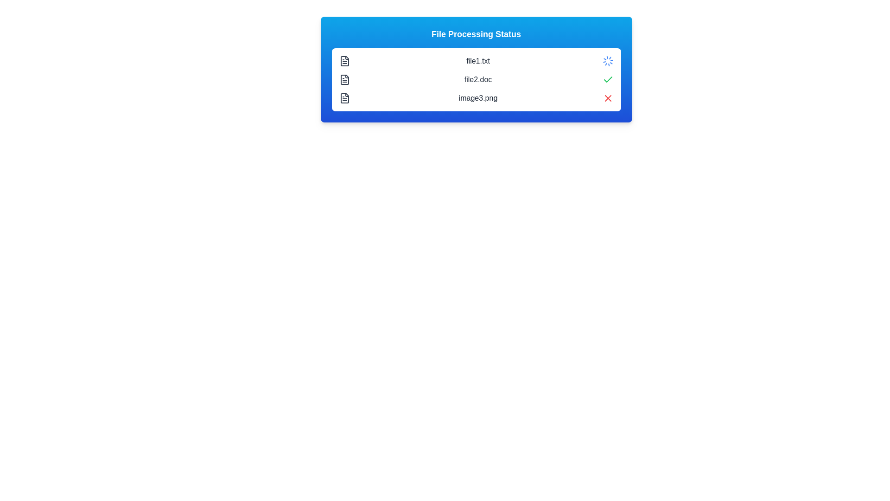  Describe the element at coordinates (476, 61) in the screenshot. I see `the file row for 'file1.txt'` at that location.